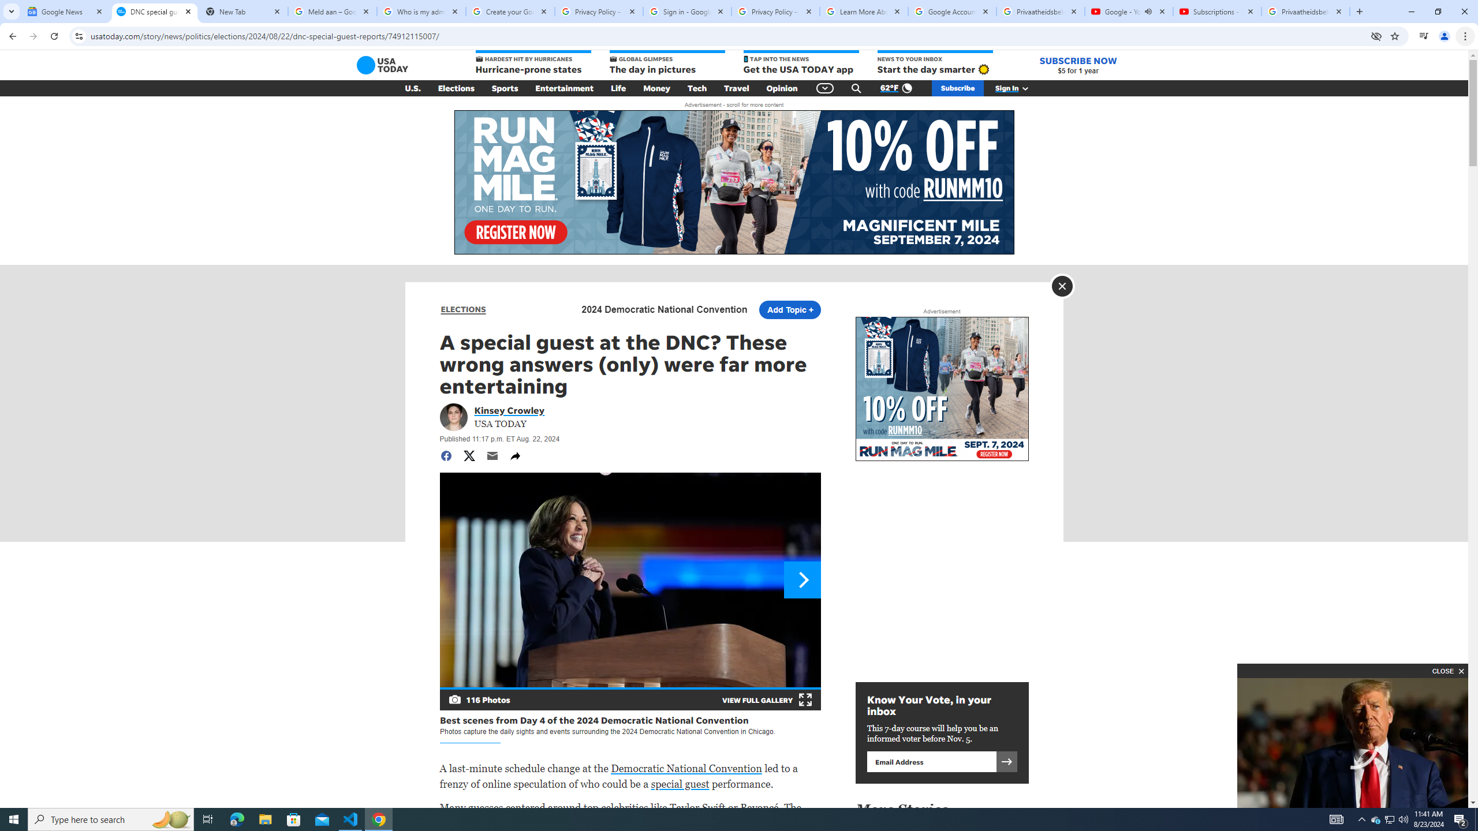 This screenshot has height=831, width=1478. What do you see at coordinates (6, 5) in the screenshot?
I see `'System'` at bounding box center [6, 5].